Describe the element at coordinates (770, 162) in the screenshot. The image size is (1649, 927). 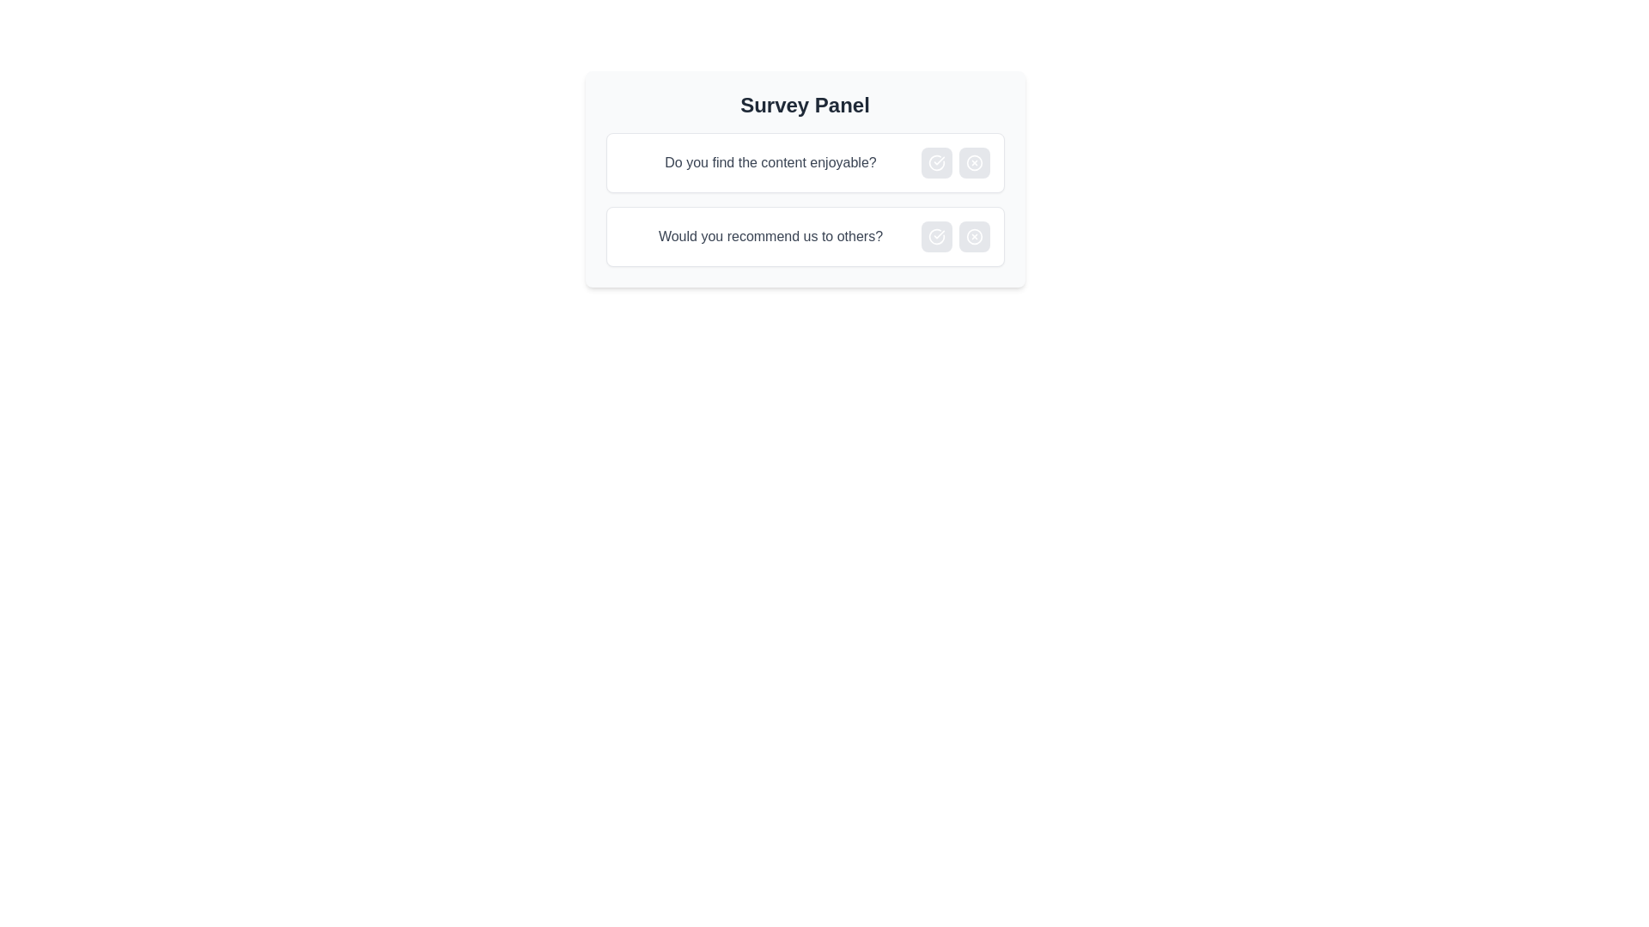
I see `static text prompt that asks 'Do you find the content enjoyable?' which is centered at the top of the survey section` at that location.